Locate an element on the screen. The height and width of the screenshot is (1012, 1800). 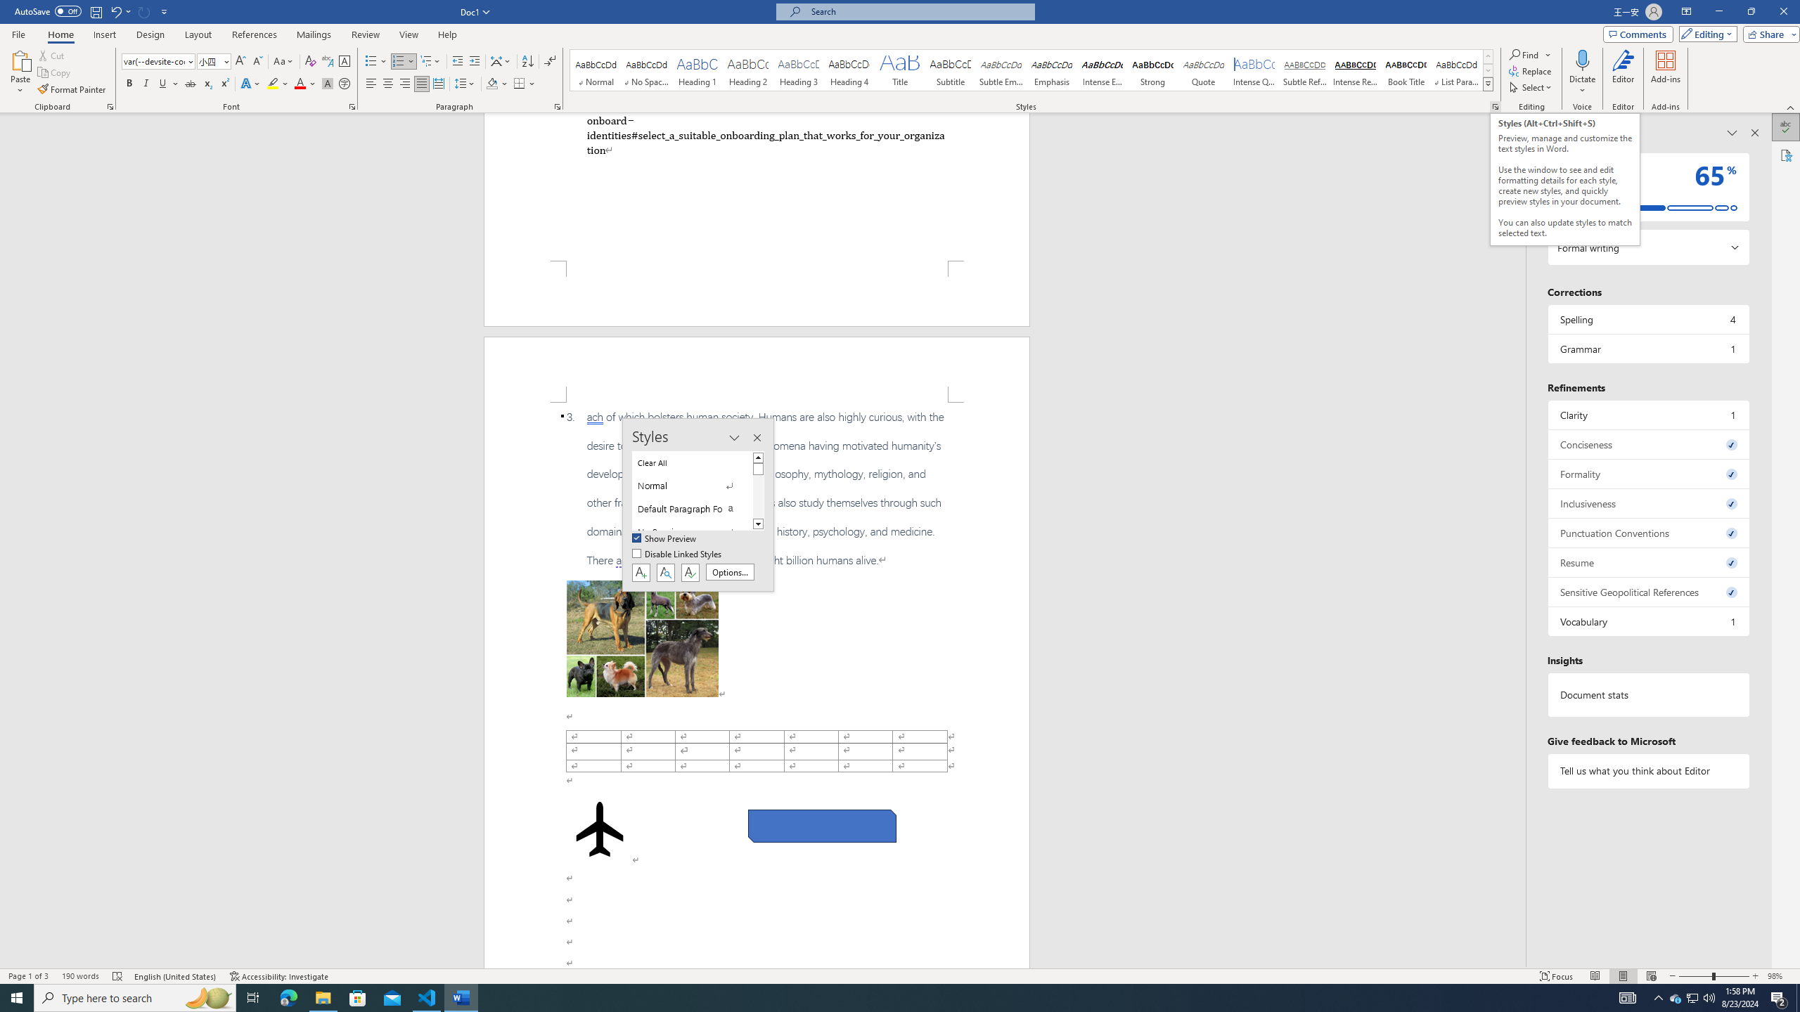
'Text Highlight Color Yellow' is located at coordinates (272, 83).